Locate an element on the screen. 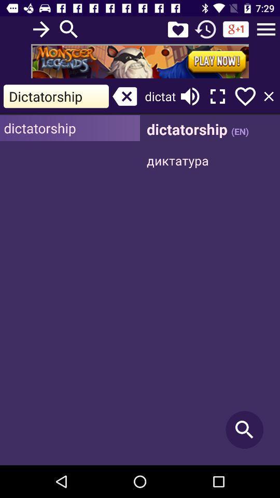 This screenshot has width=280, height=498. refresh is located at coordinates (205, 29).